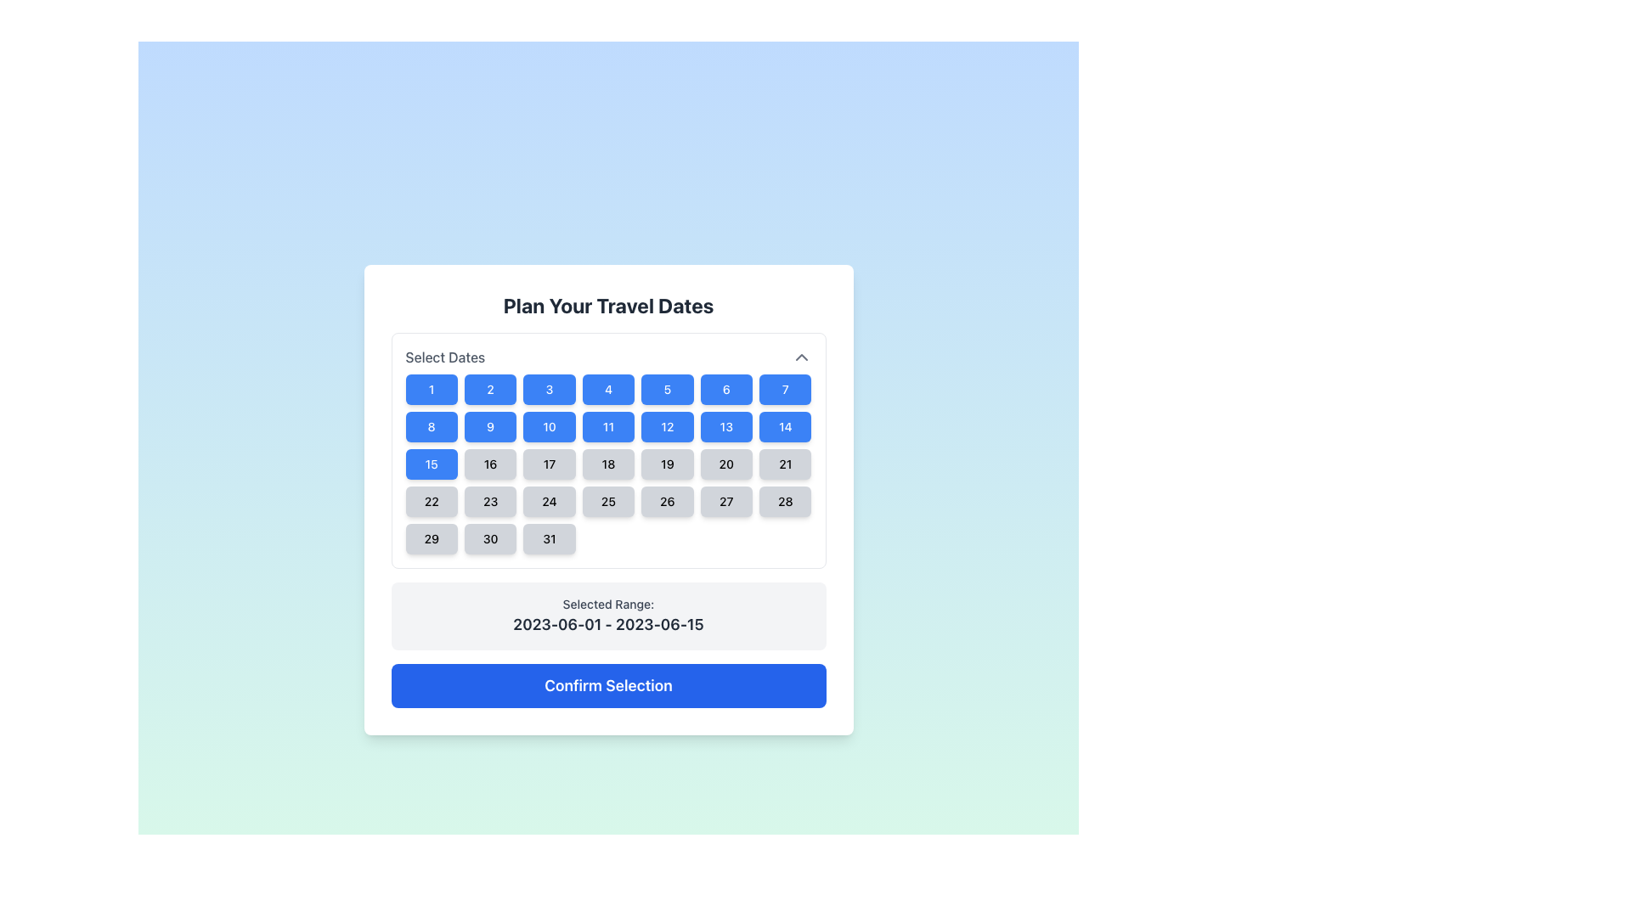 The height and width of the screenshot is (917, 1631). What do you see at coordinates (550, 464) in the screenshot?
I see `the rounded button displaying the number '17' in the date picker grid, located in the third row, second column` at bounding box center [550, 464].